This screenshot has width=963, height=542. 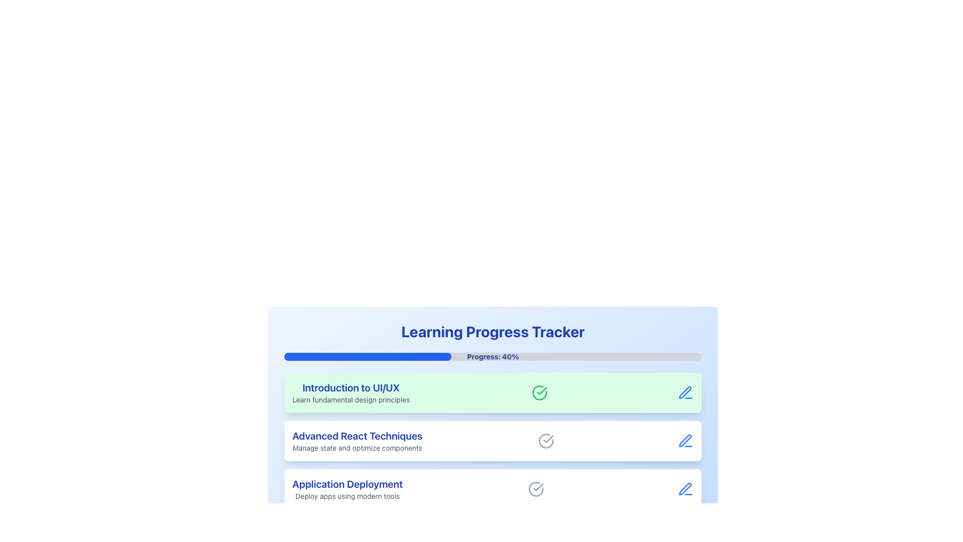 What do you see at coordinates (348, 483) in the screenshot?
I see `the 'Application Deployment' header text` at bounding box center [348, 483].